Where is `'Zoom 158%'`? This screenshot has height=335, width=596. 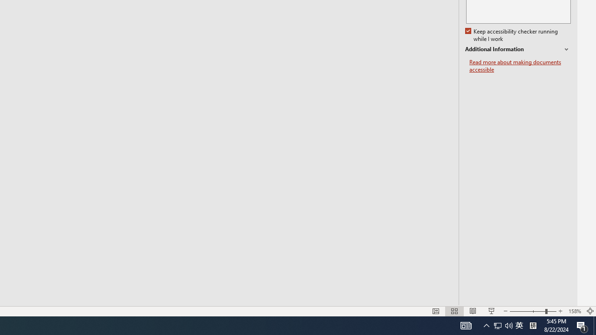 'Zoom 158%' is located at coordinates (574, 311).